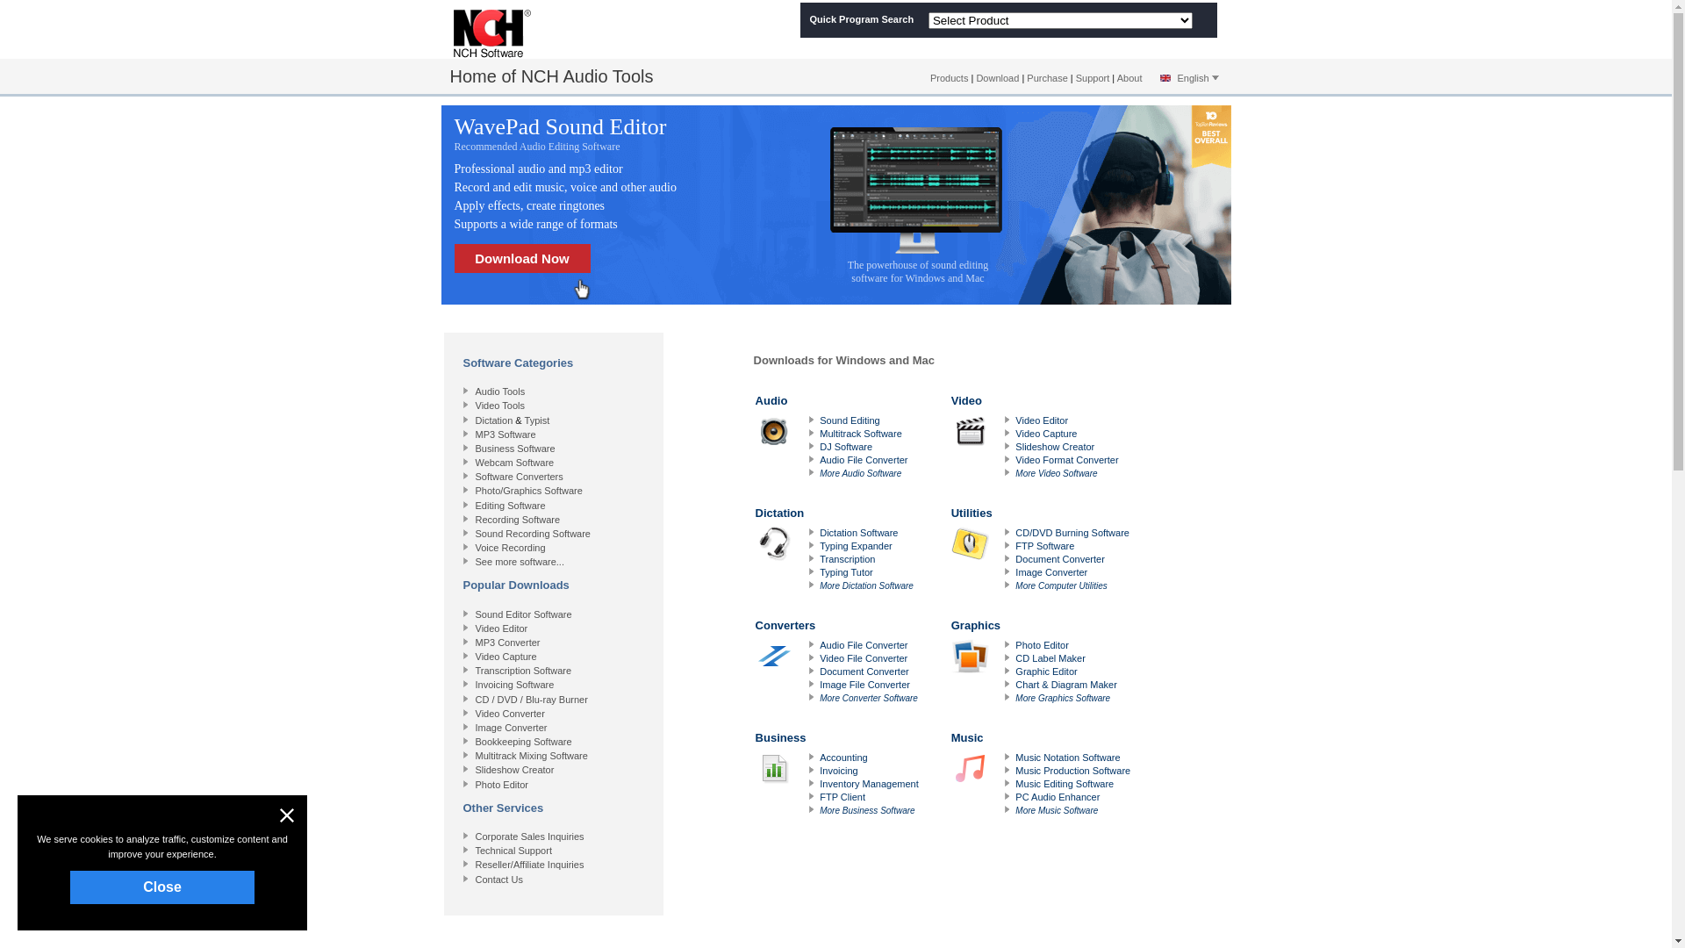 This screenshot has height=948, width=1685. Describe the element at coordinates (819, 810) in the screenshot. I see `'More Business Software'` at that location.